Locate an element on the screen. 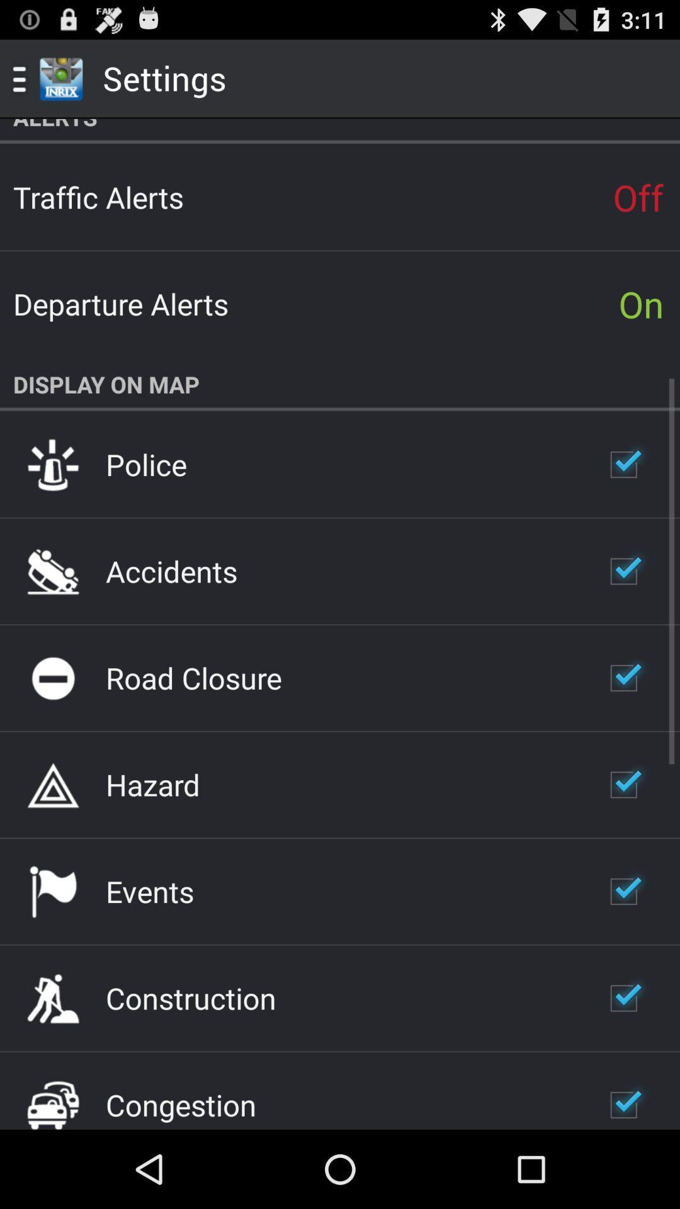 The height and width of the screenshot is (1209, 680). events app is located at coordinates (149, 890).